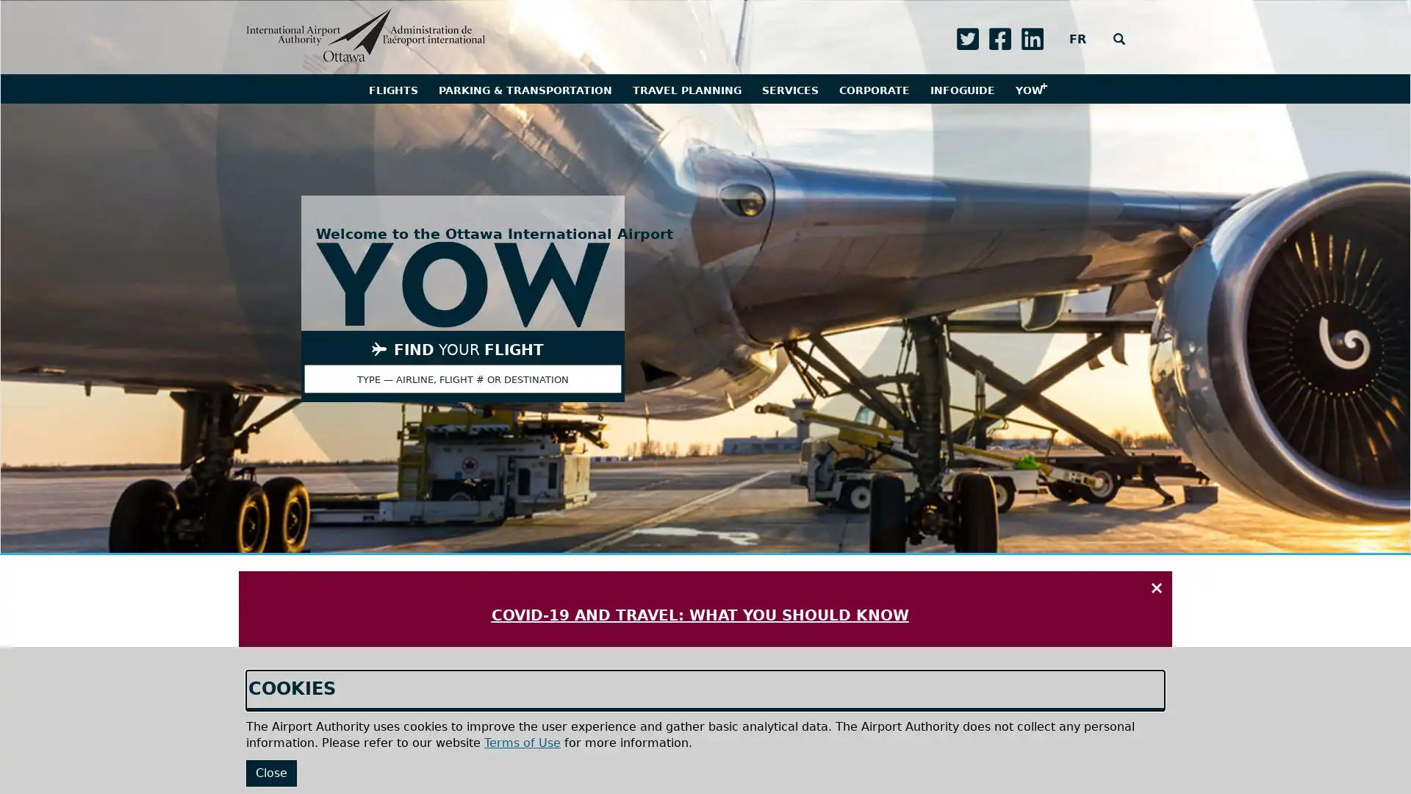 The image size is (1411, 794). I want to click on Show Infoguide Sub Menu, so click(962, 88).